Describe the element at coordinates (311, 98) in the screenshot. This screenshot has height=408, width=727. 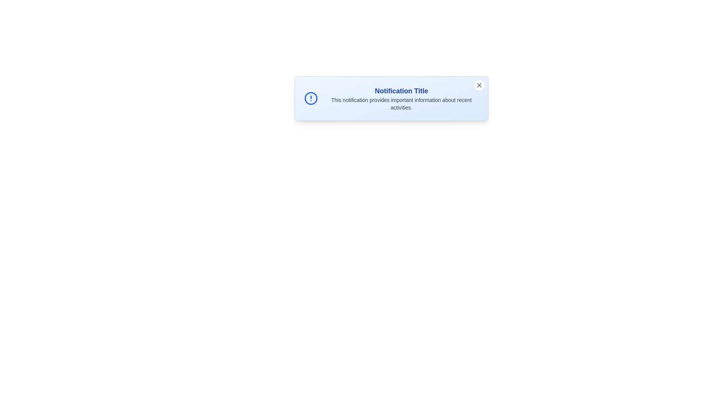
I see `the circular icon with a blue border and a blue exclamation mark, located on the left side of the notification banner adjacent to the title text` at that location.